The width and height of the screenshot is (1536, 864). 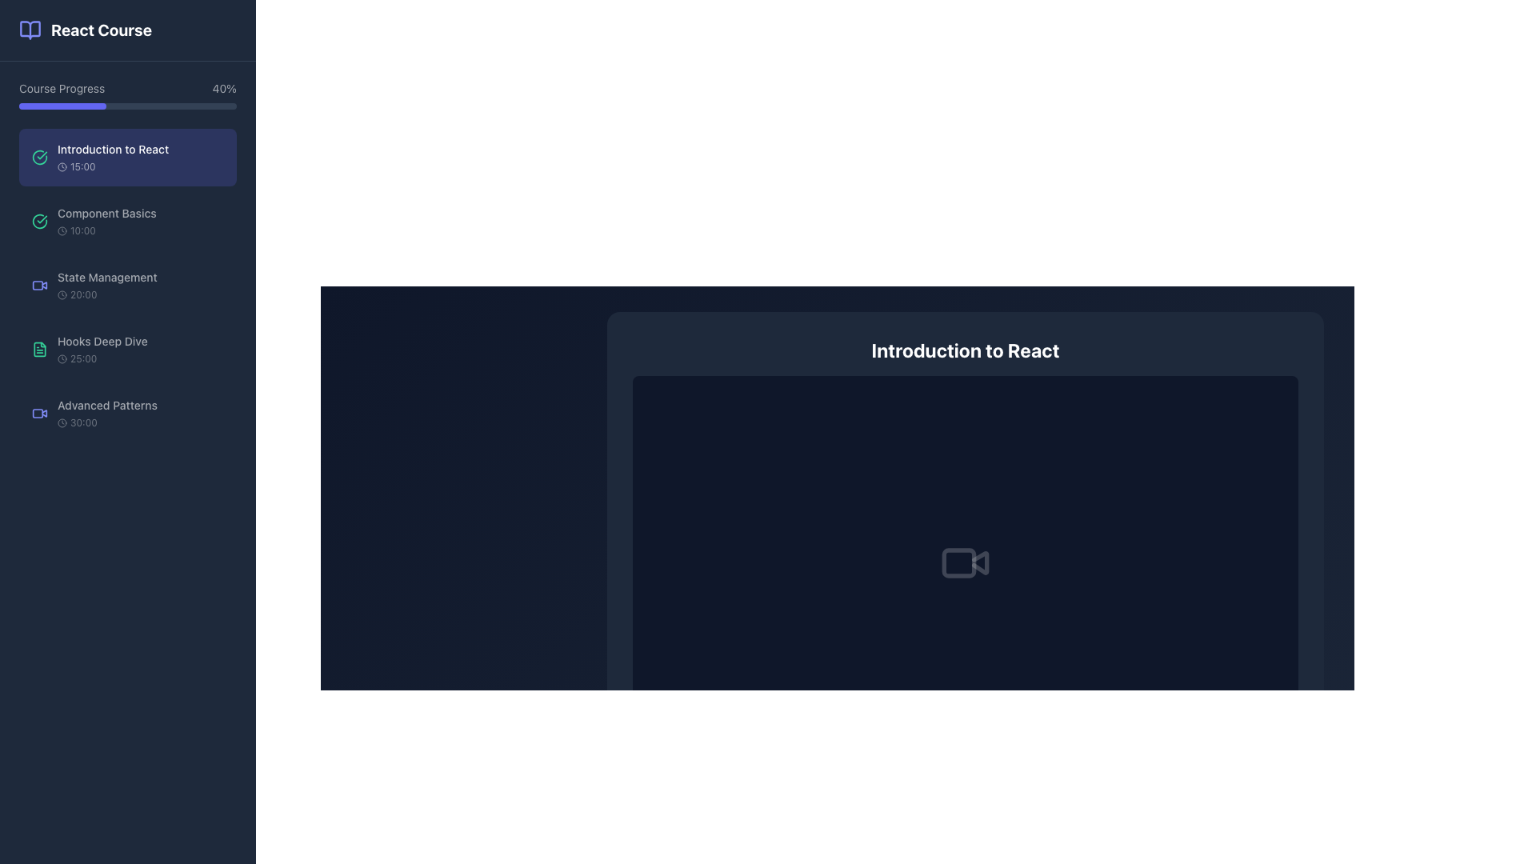 I want to click on the 'State Management' text label, so click(x=141, y=277).